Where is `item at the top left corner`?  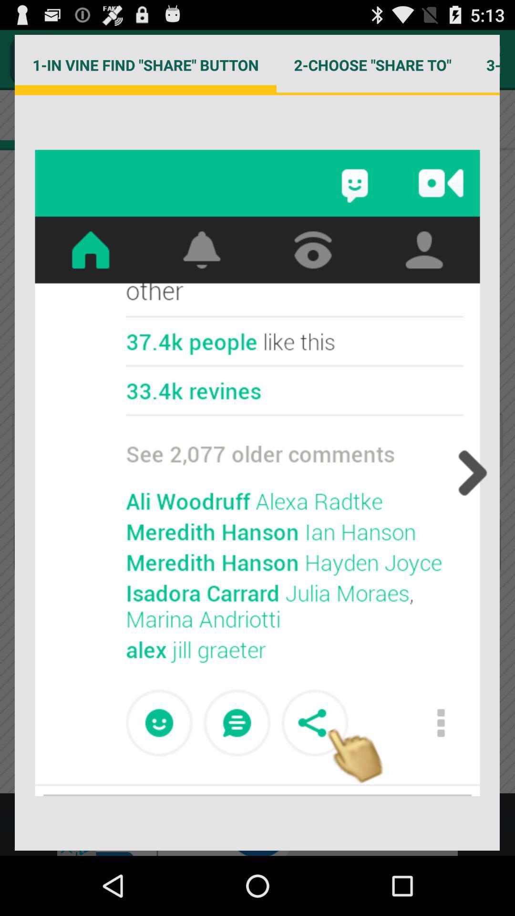 item at the top left corner is located at coordinates (145, 64).